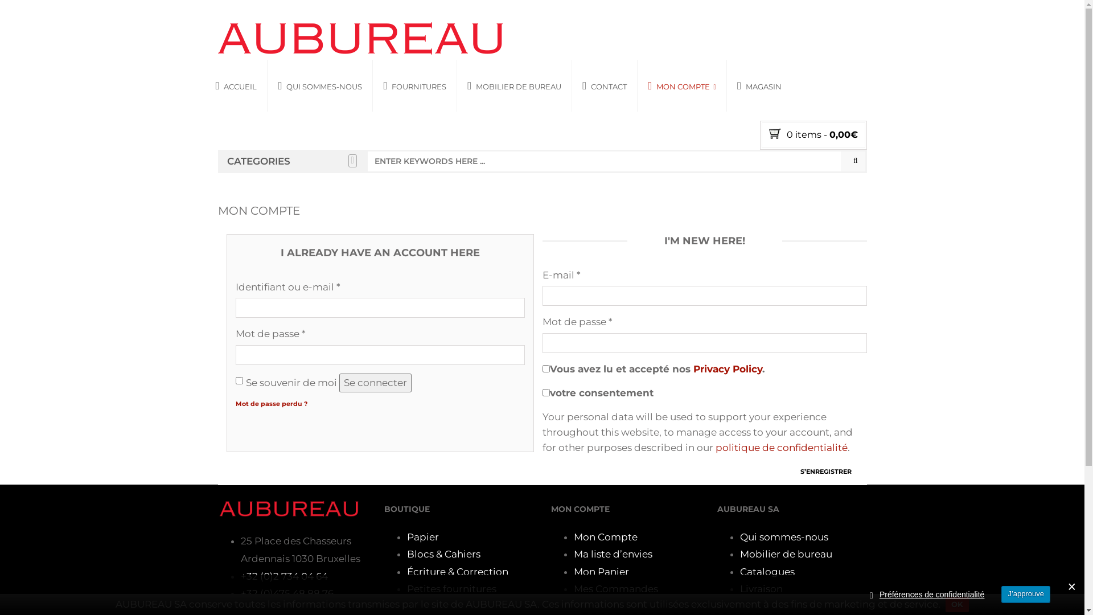 This screenshot has height=615, width=1093. Describe the element at coordinates (422, 536) in the screenshot. I see `'Papier'` at that location.